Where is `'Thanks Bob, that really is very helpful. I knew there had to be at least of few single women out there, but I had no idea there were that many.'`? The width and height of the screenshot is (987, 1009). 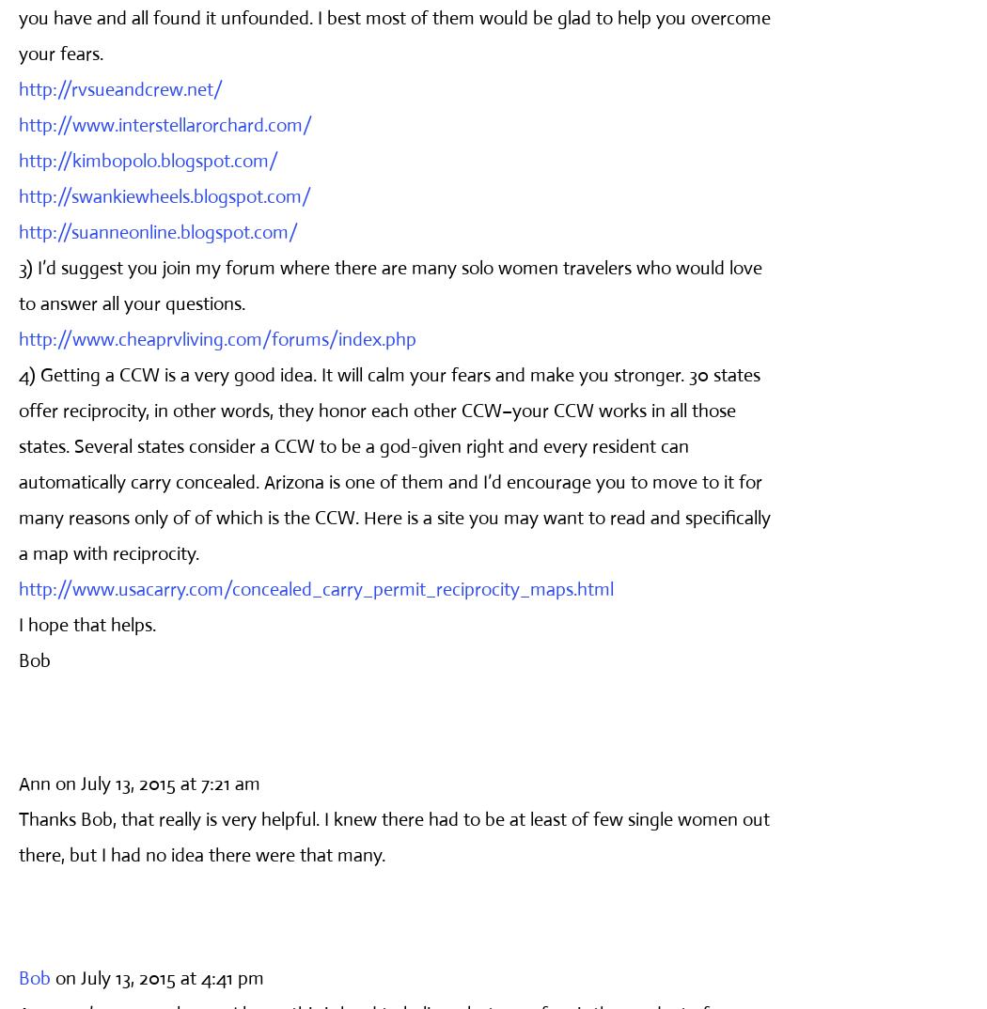
'Thanks Bob, that really is very helpful. I knew there had to be at least of few single women out there, but I had no idea there were that many.' is located at coordinates (393, 835).